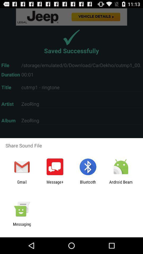 The image size is (143, 254). I want to click on app next to the android beam, so click(88, 184).